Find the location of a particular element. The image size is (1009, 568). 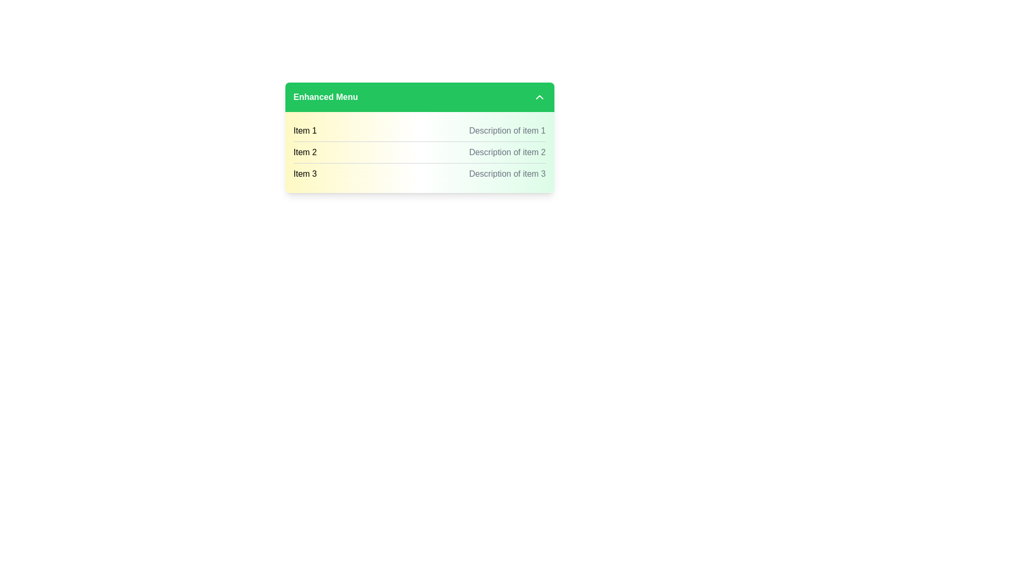

text display showing 'Description of item 3', which is a gray-colored, truncated text aligned to the right of the 'Item 3' label is located at coordinates (507, 174).